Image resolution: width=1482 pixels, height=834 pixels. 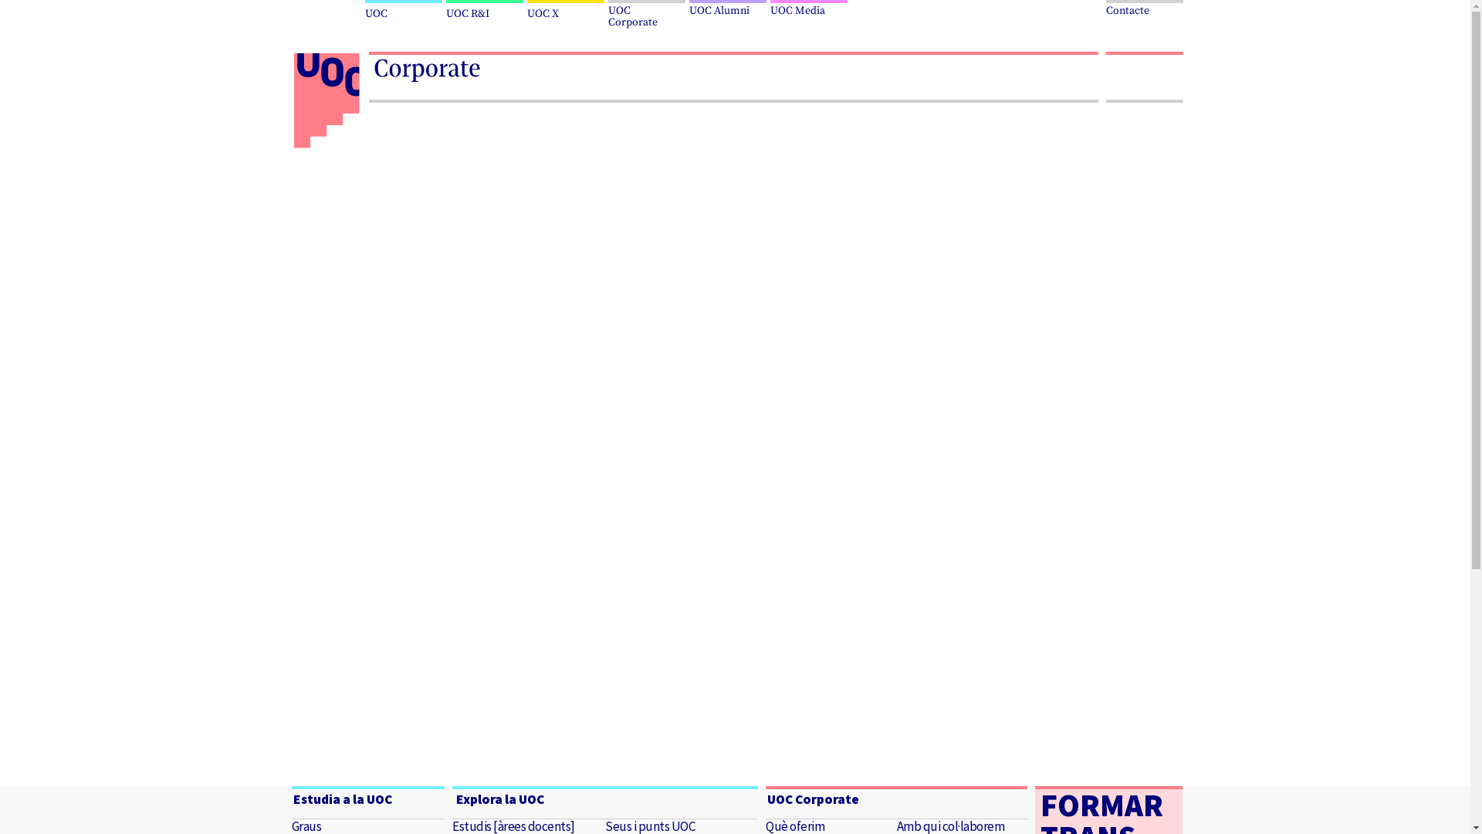 I want to click on 'UOC R&I', so click(x=445, y=11).